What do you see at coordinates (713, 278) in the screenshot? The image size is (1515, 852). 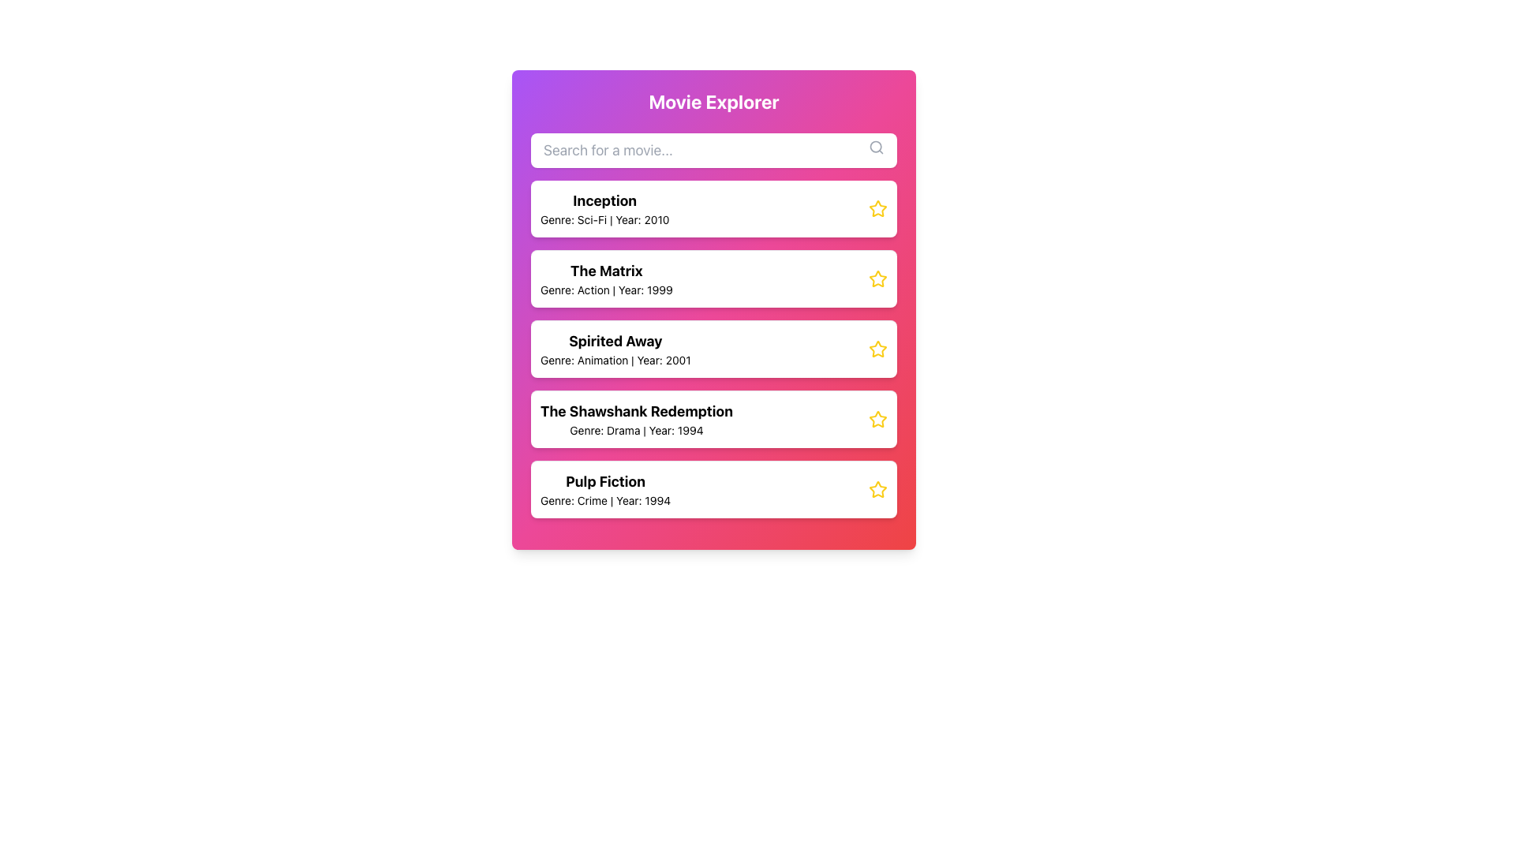 I see `the movie card presenting information about 'The Matrix', which is the second card in the vertical list of movie entries` at bounding box center [713, 278].